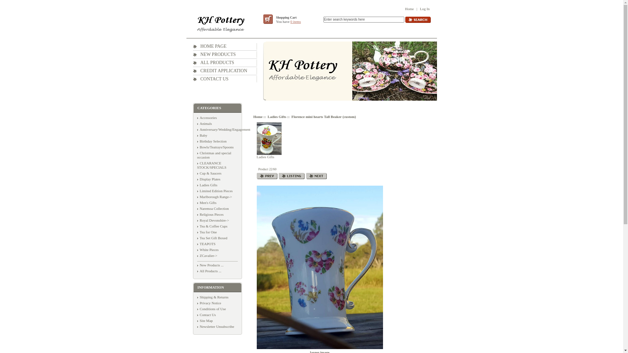  What do you see at coordinates (208, 271) in the screenshot?
I see `'All Products ...'` at bounding box center [208, 271].